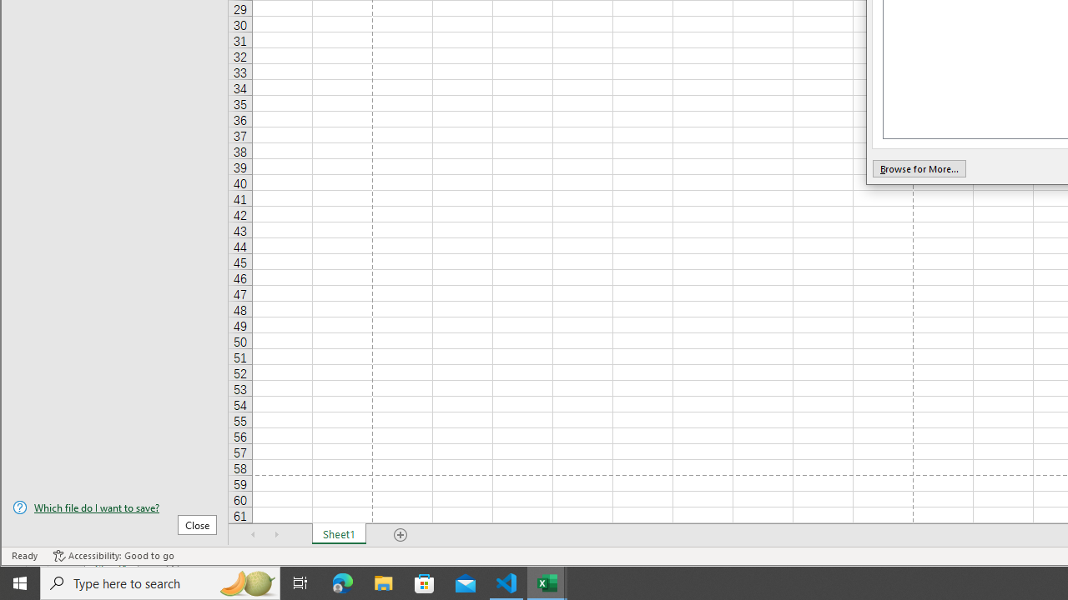  I want to click on 'Start', so click(20, 582).